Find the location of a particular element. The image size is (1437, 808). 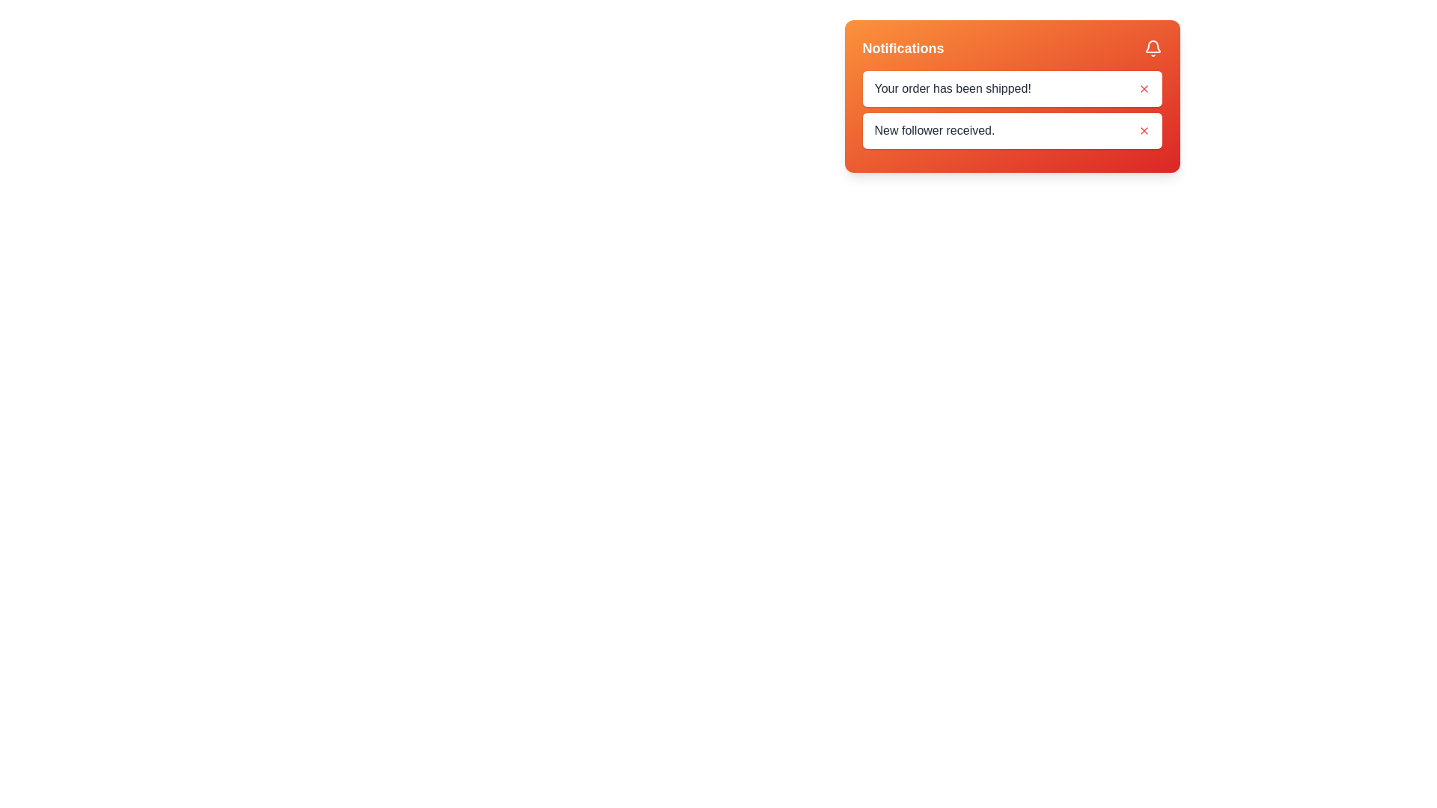

the header label that indicates the notifications section, located at the top-left corner of the notification card is located at coordinates (903, 48).